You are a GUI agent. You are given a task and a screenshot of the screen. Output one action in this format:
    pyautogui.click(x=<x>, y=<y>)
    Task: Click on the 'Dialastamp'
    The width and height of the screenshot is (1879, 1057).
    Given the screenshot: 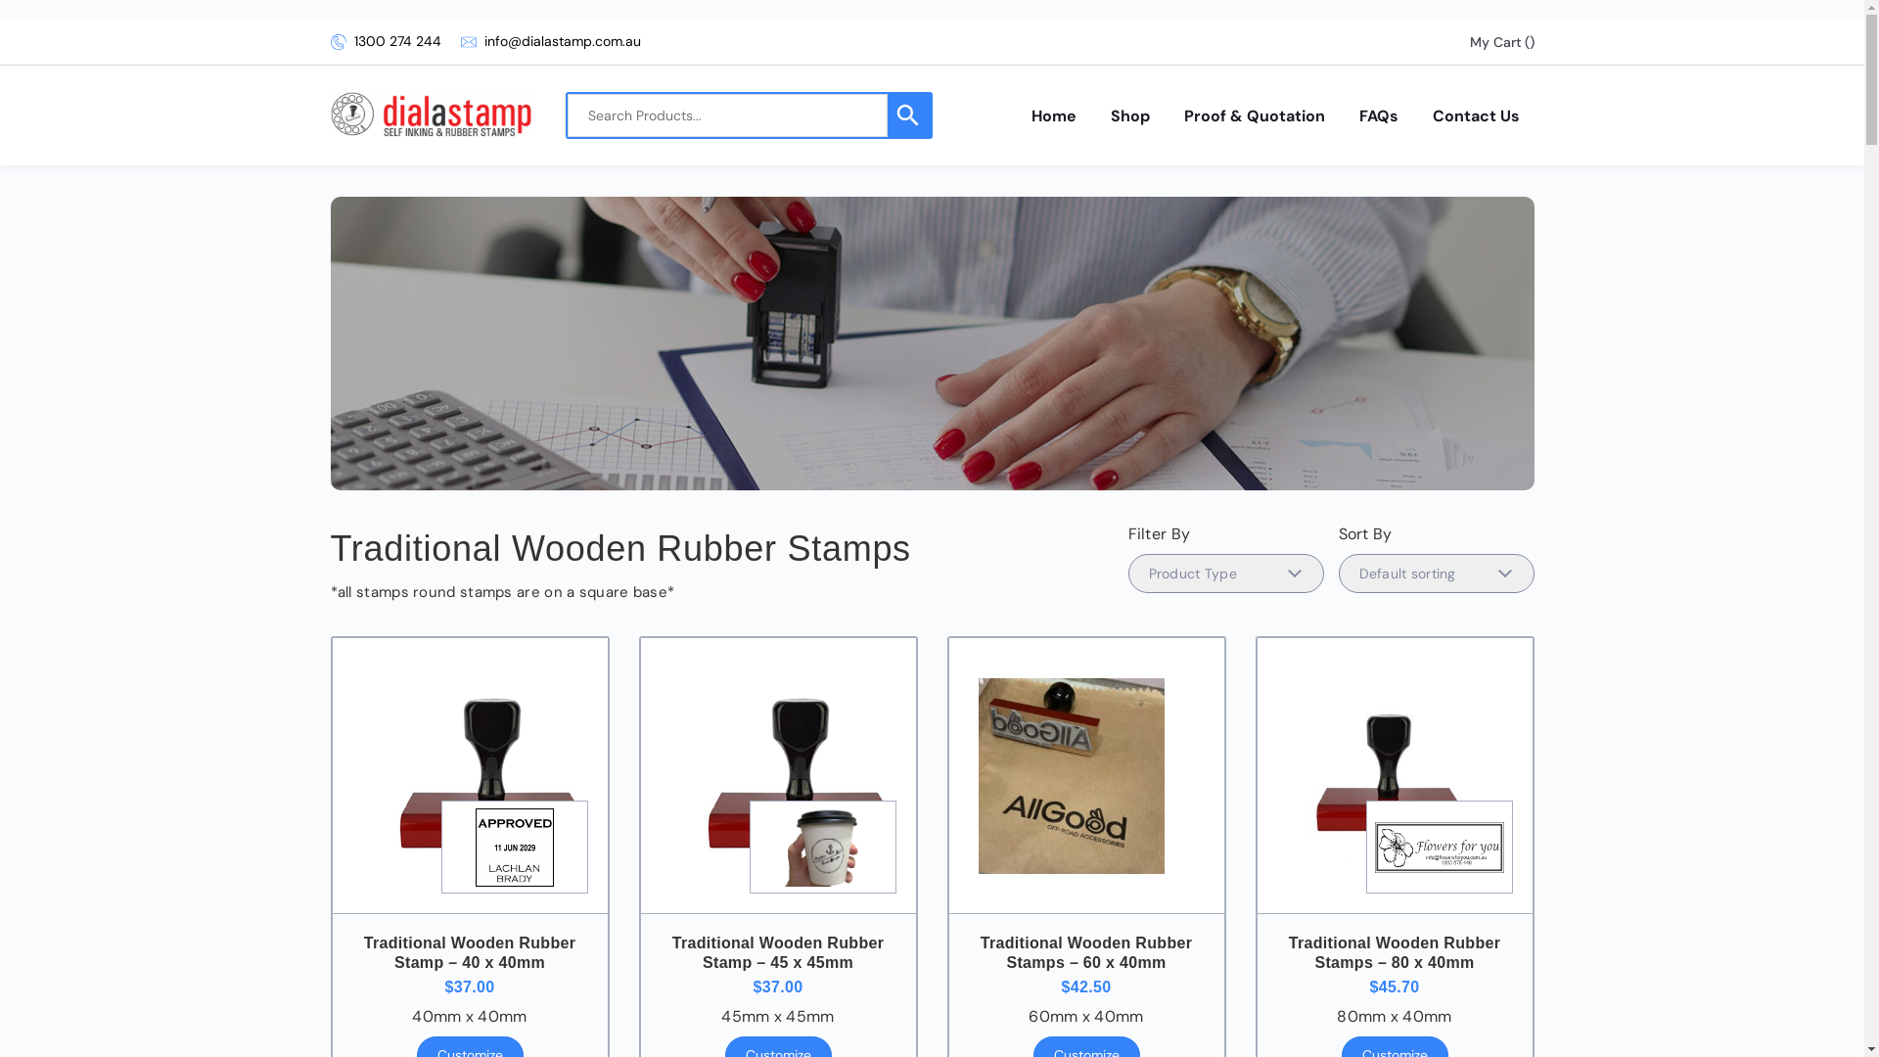 What is the action you would take?
    pyautogui.click(x=430, y=115)
    